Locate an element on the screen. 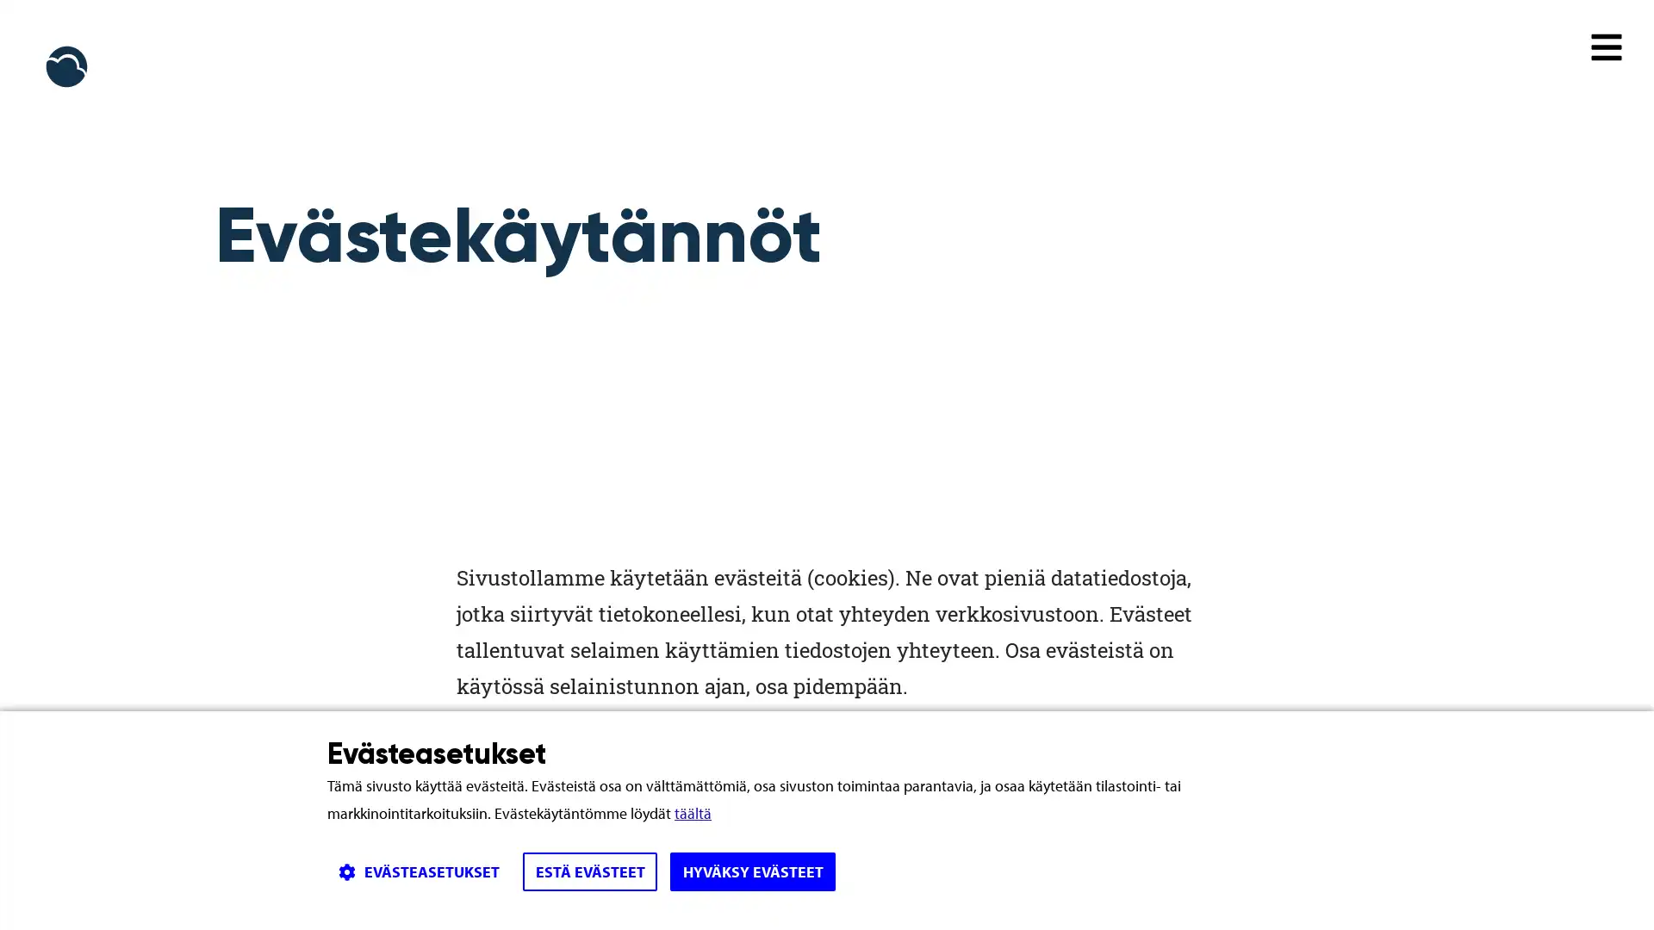 This screenshot has height=930, width=1654. ESTA EVASTEET is located at coordinates (590, 871).